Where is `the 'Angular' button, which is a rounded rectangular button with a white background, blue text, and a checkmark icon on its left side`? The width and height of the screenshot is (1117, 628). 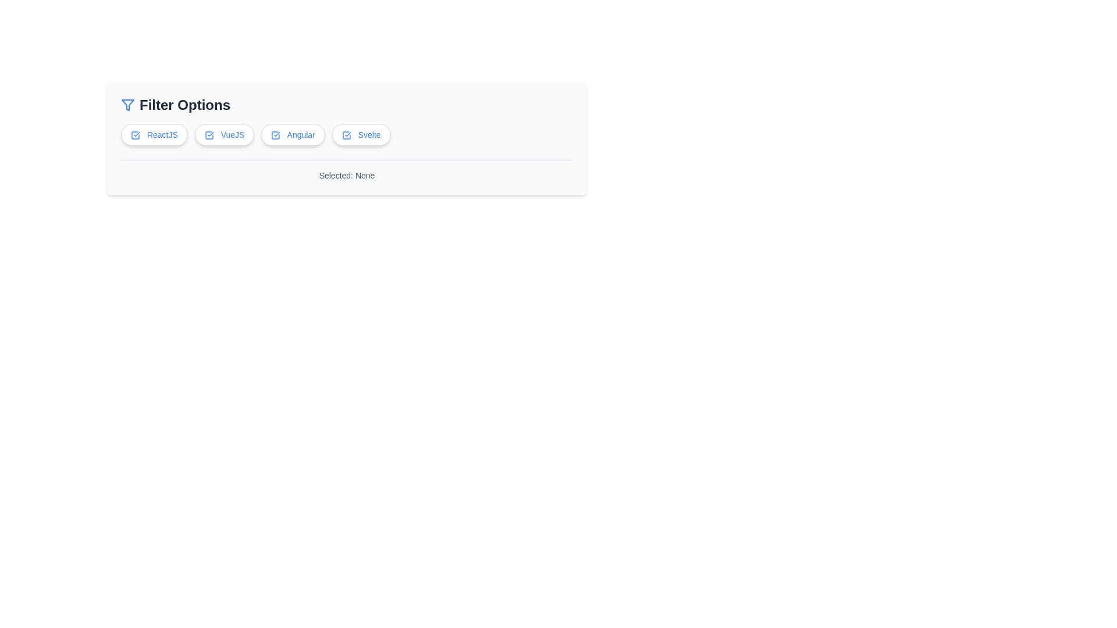 the 'Angular' button, which is a rounded rectangular button with a white background, blue text, and a checkmark icon on its left side is located at coordinates (293, 134).